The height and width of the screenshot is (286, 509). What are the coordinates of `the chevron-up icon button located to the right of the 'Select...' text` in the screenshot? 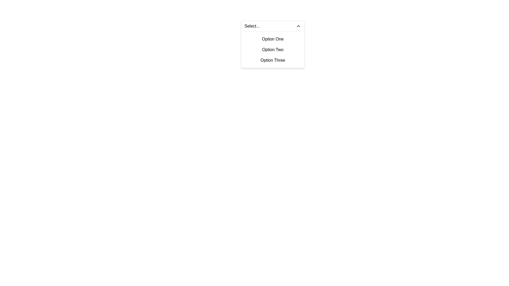 It's located at (299, 26).